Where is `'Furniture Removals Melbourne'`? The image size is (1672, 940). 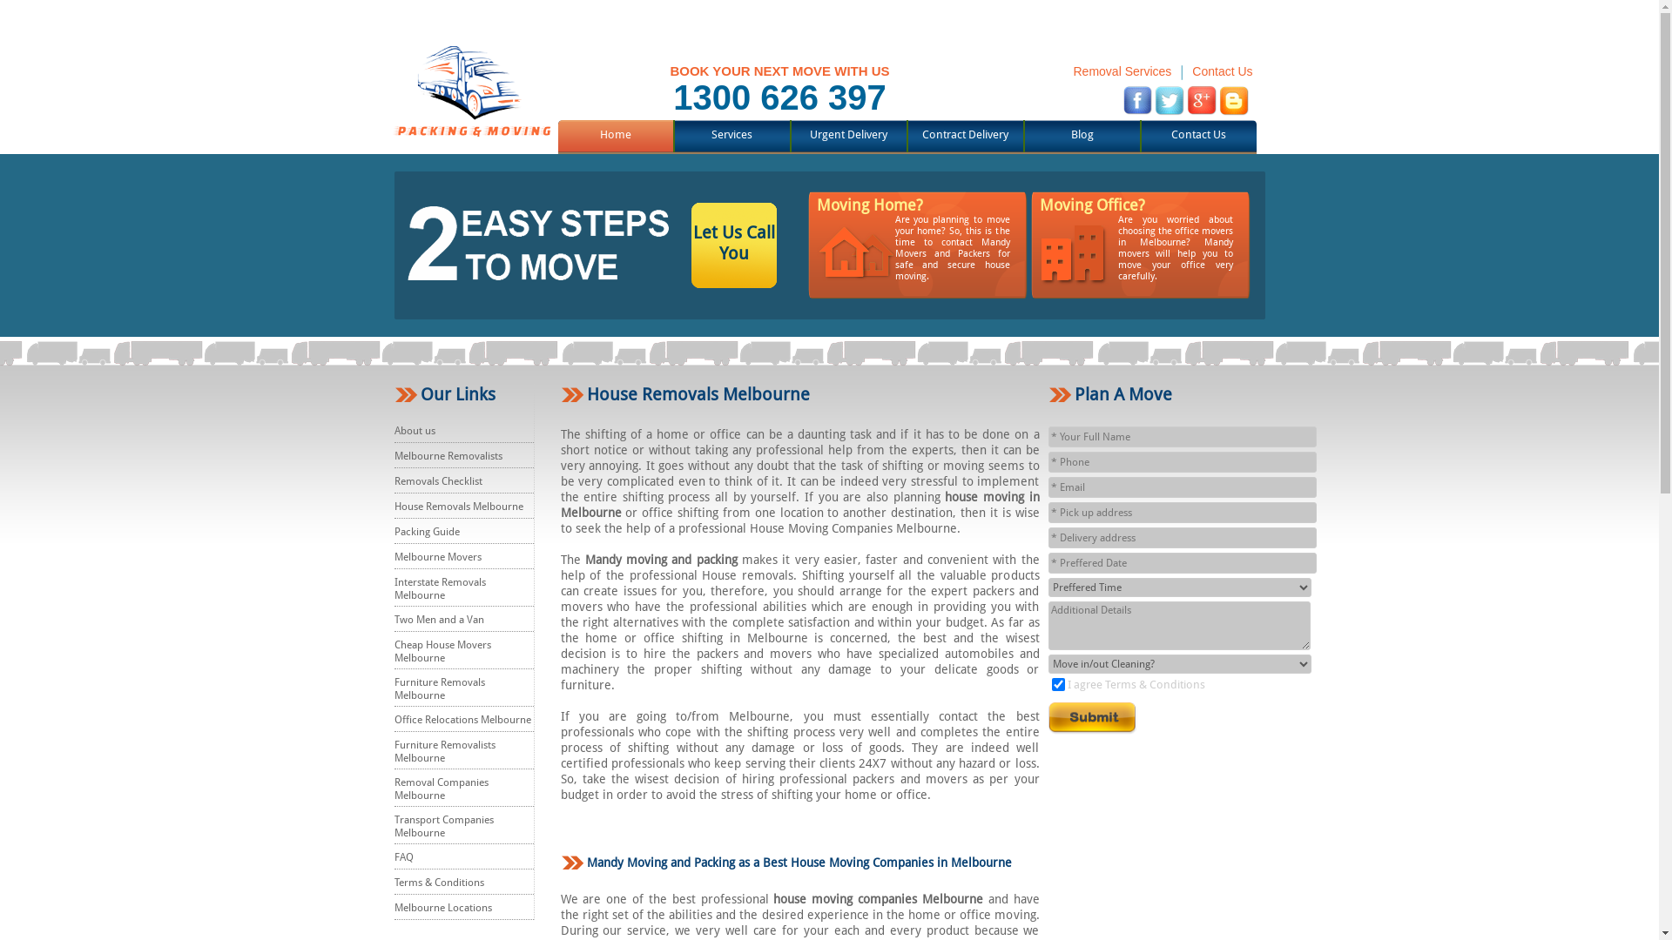
'Furniture Removals Melbourne' is located at coordinates (439, 688).